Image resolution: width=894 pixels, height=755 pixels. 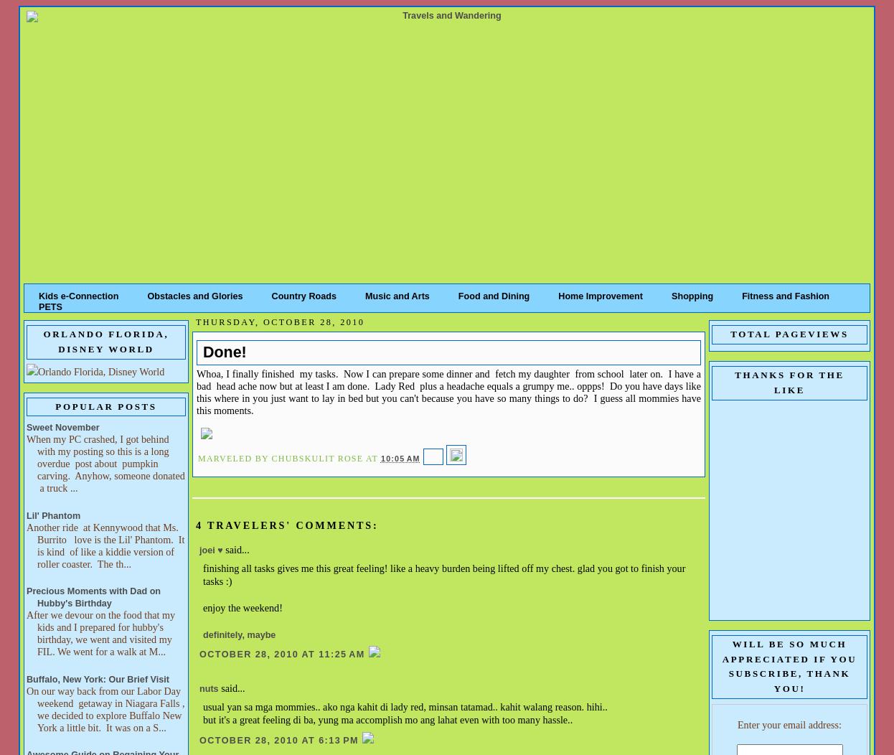 What do you see at coordinates (105, 708) in the screenshot?
I see `'On our way back from our Labor Day weekend  getaway in Niagara Falls , we decided to explore Buffalo New York a little bit.  It was on a S...'` at bounding box center [105, 708].